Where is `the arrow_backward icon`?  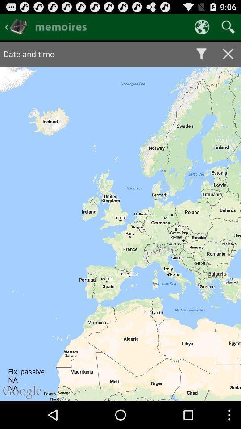 the arrow_backward icon is located at coordinates (16, 29).